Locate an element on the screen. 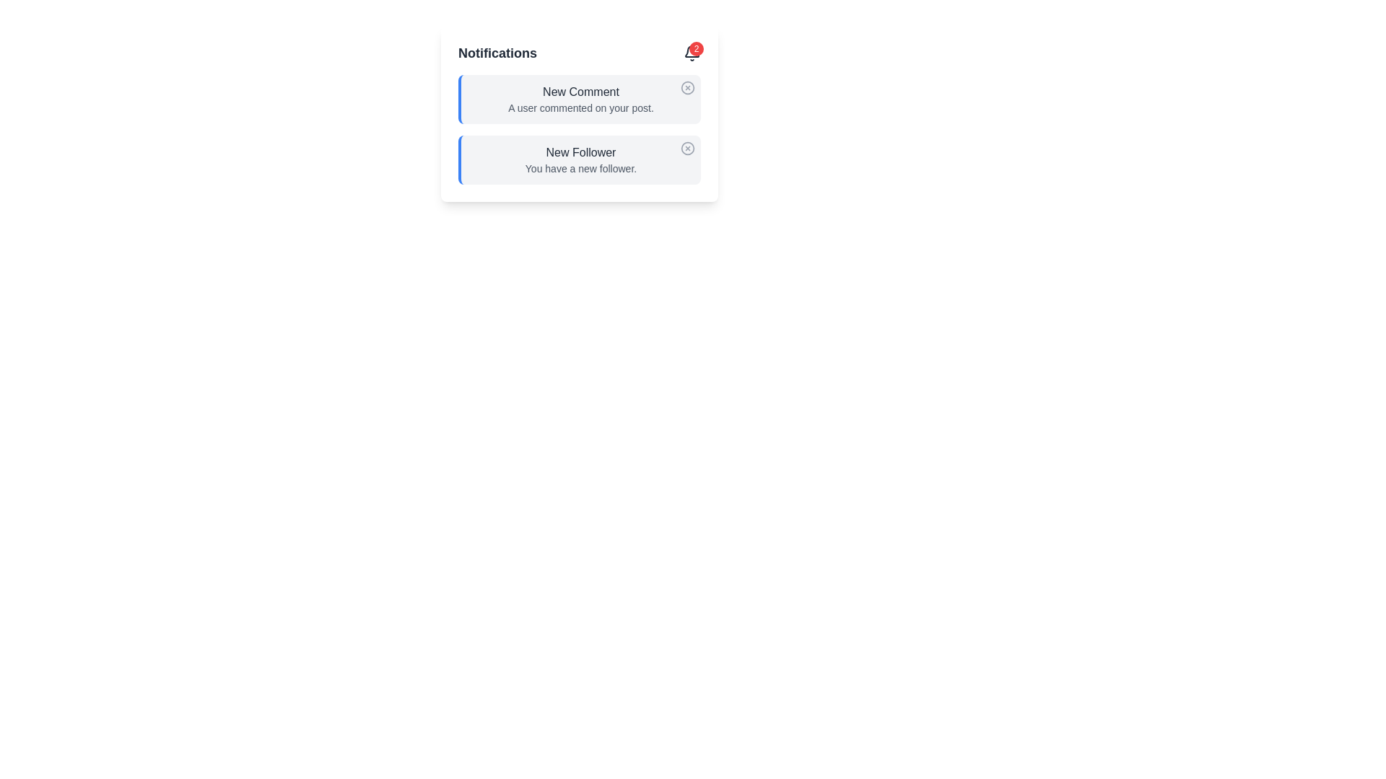  the Notification badge, which is a small circular badge with a red background displaying the number '2', located at the top right corner of the bell icon in the notification panel is located at coordinates (696, 48).